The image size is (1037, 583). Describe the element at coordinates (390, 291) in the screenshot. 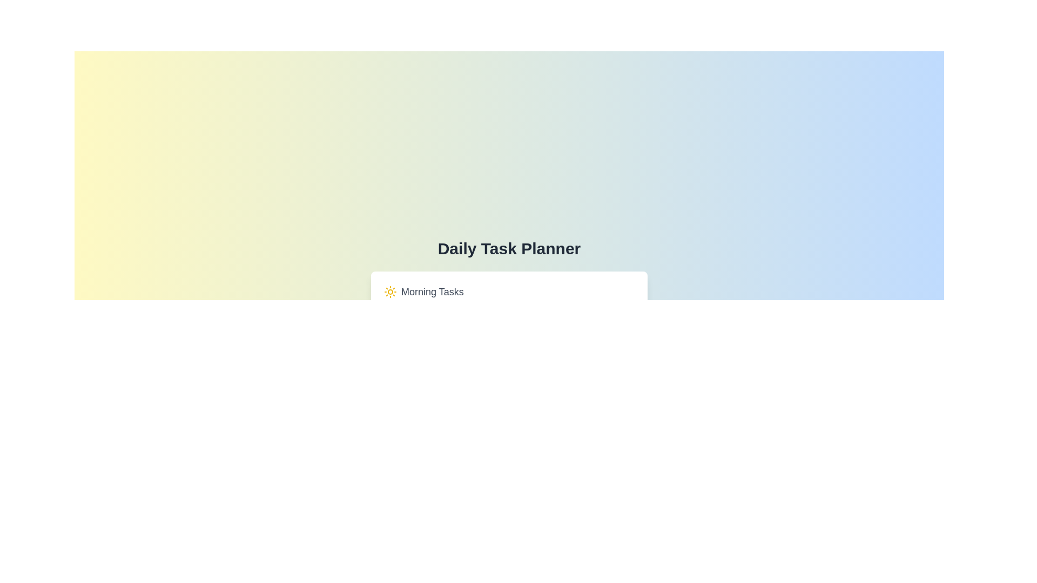

I see `the small sun-shaped graphic icon, which is yellow and positioned` at that location.